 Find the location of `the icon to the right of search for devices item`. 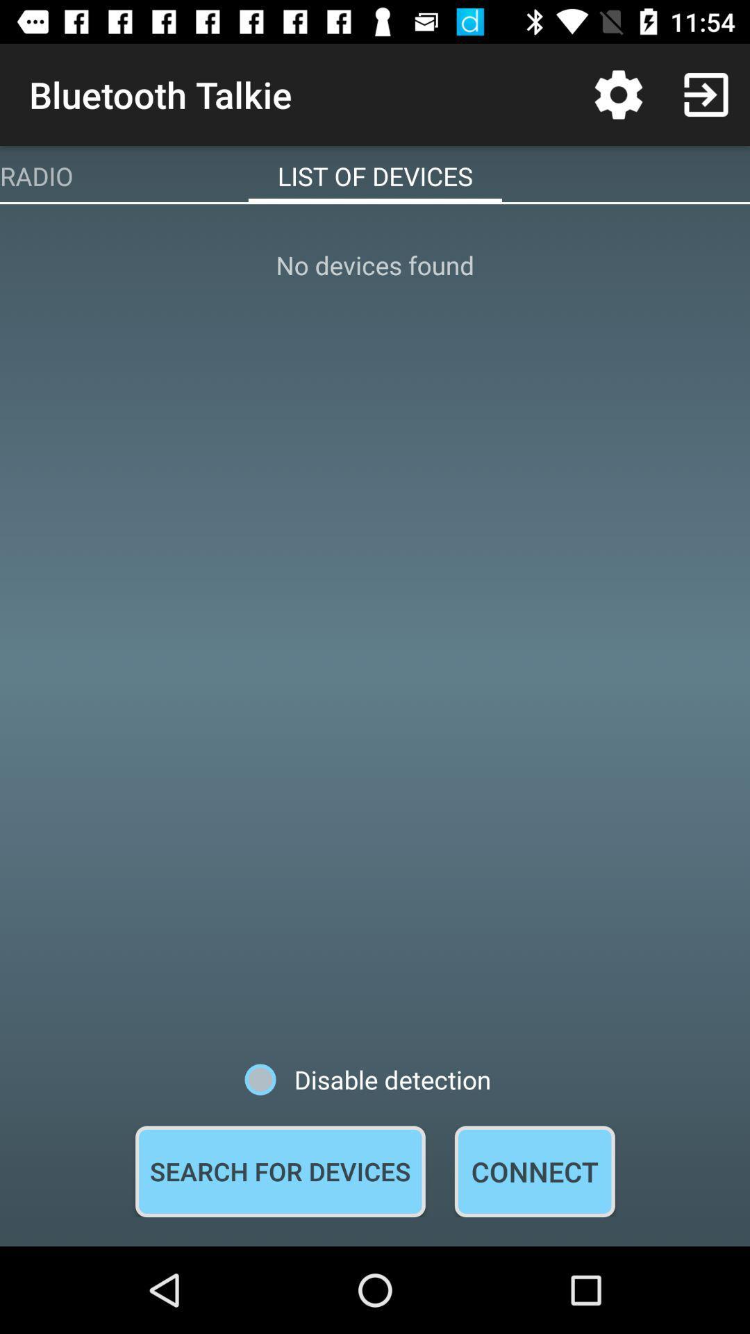

the icon to the right of search for devices item is located at coordinates (534, 1171).